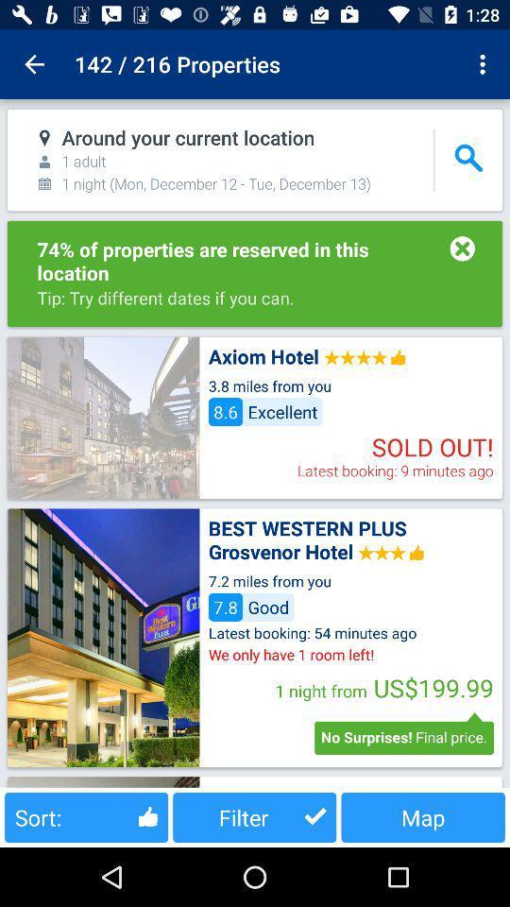 The width and height of the screenshot is (510, 907). I want to click on item next to 142 / 216 properties item, so click(34, 64).